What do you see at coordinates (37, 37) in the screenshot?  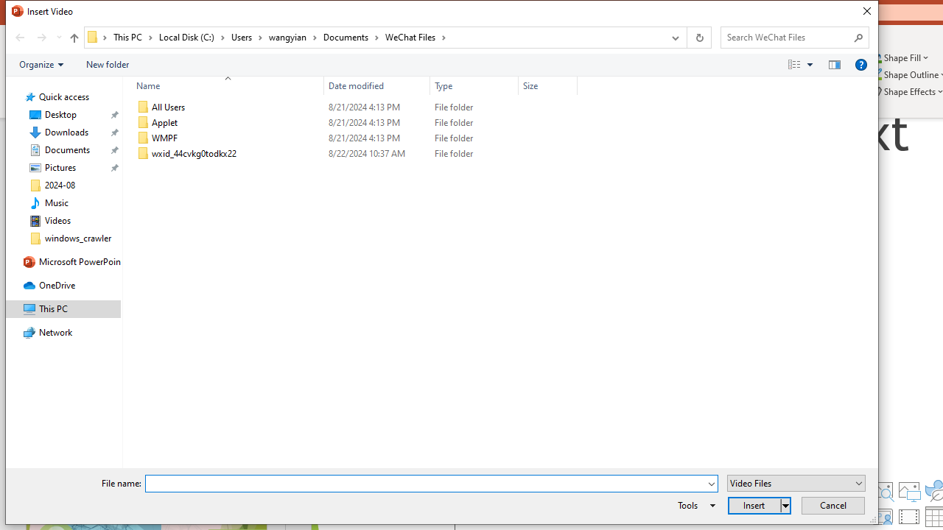 I see `'Navigation buttons'` at bounding box center [37, 37].